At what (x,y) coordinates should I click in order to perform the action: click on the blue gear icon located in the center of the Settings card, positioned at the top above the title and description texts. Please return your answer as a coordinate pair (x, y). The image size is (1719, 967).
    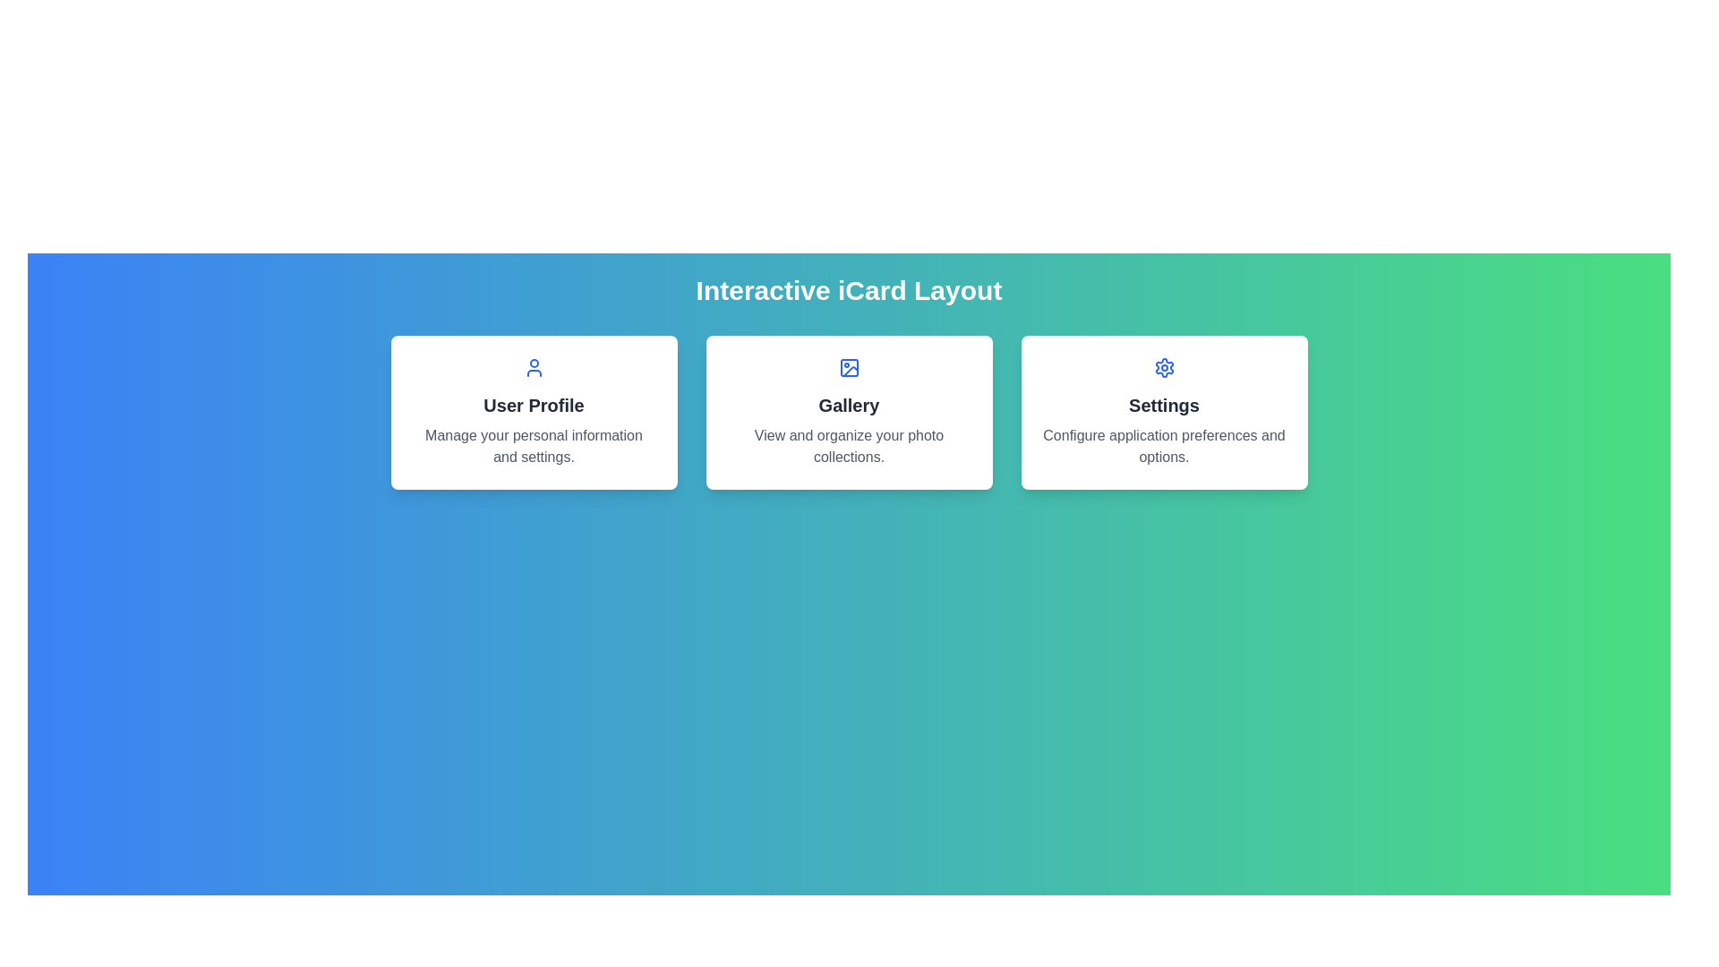
    Looking at the image, I should click on (1164, 367).